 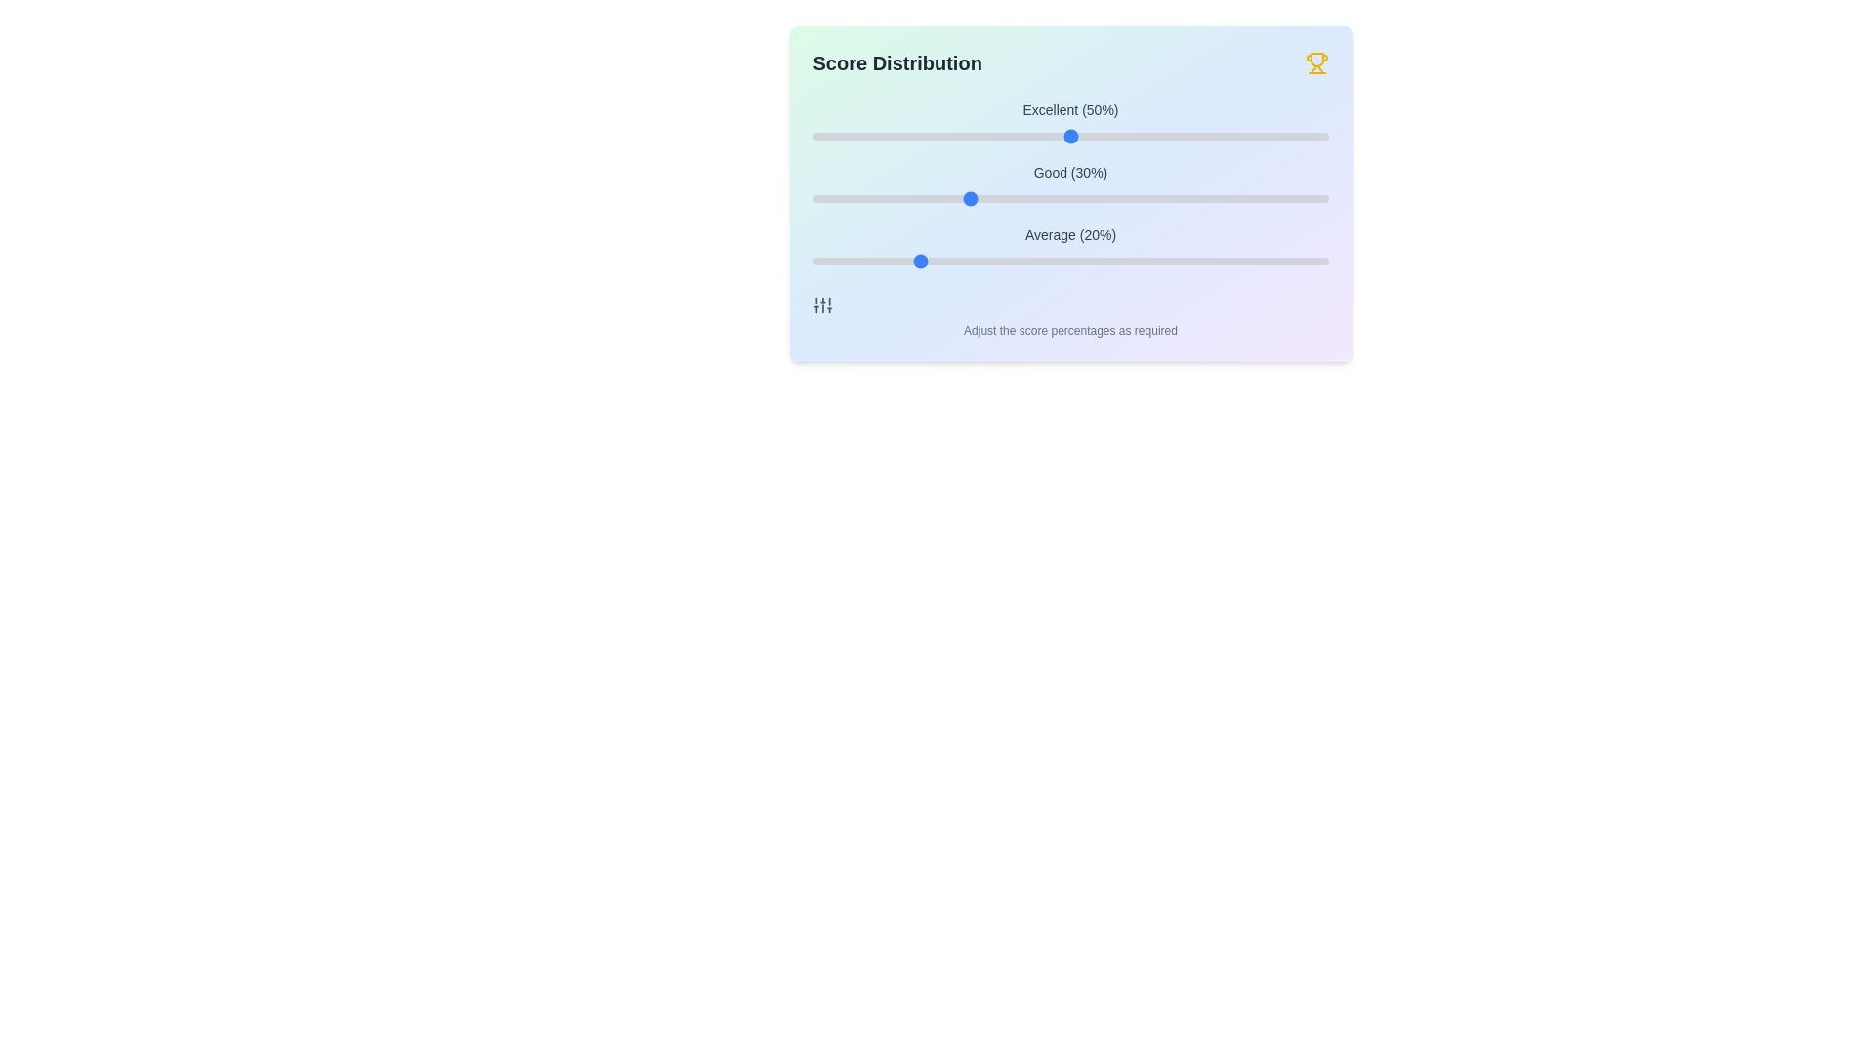 I want to click on the 'Average' slider to 57%, so click(x=1106, y=260).